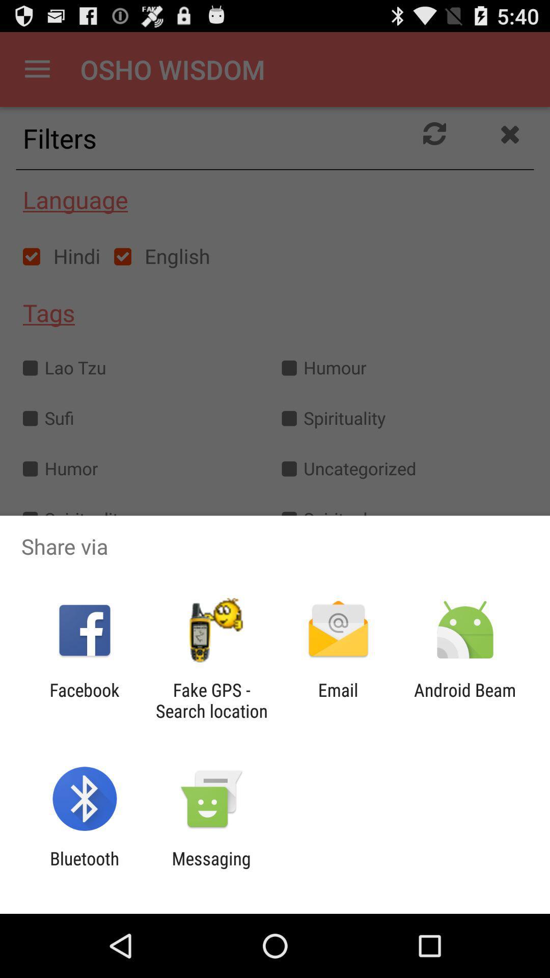 The height and width of the screenshot is (978, 550). What do you see at coordinates (211, 868) in the screenshot?
I see `messaging app` at bounding box center [211, 868].